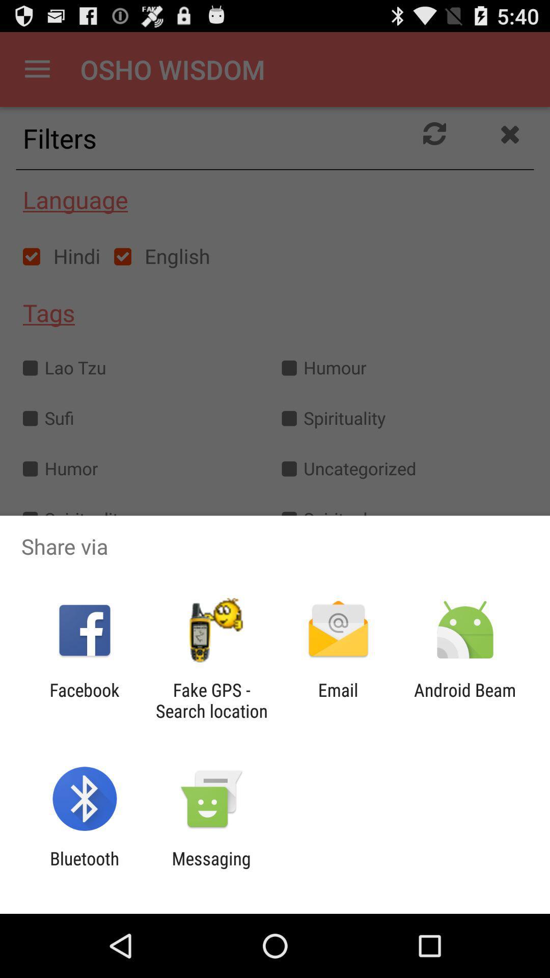 The height and width of the screenshot is (978, 550). What do you see at coordinates (211, 868) in the screenshot?
I see `messaging app` at bounding box center [211, 868].